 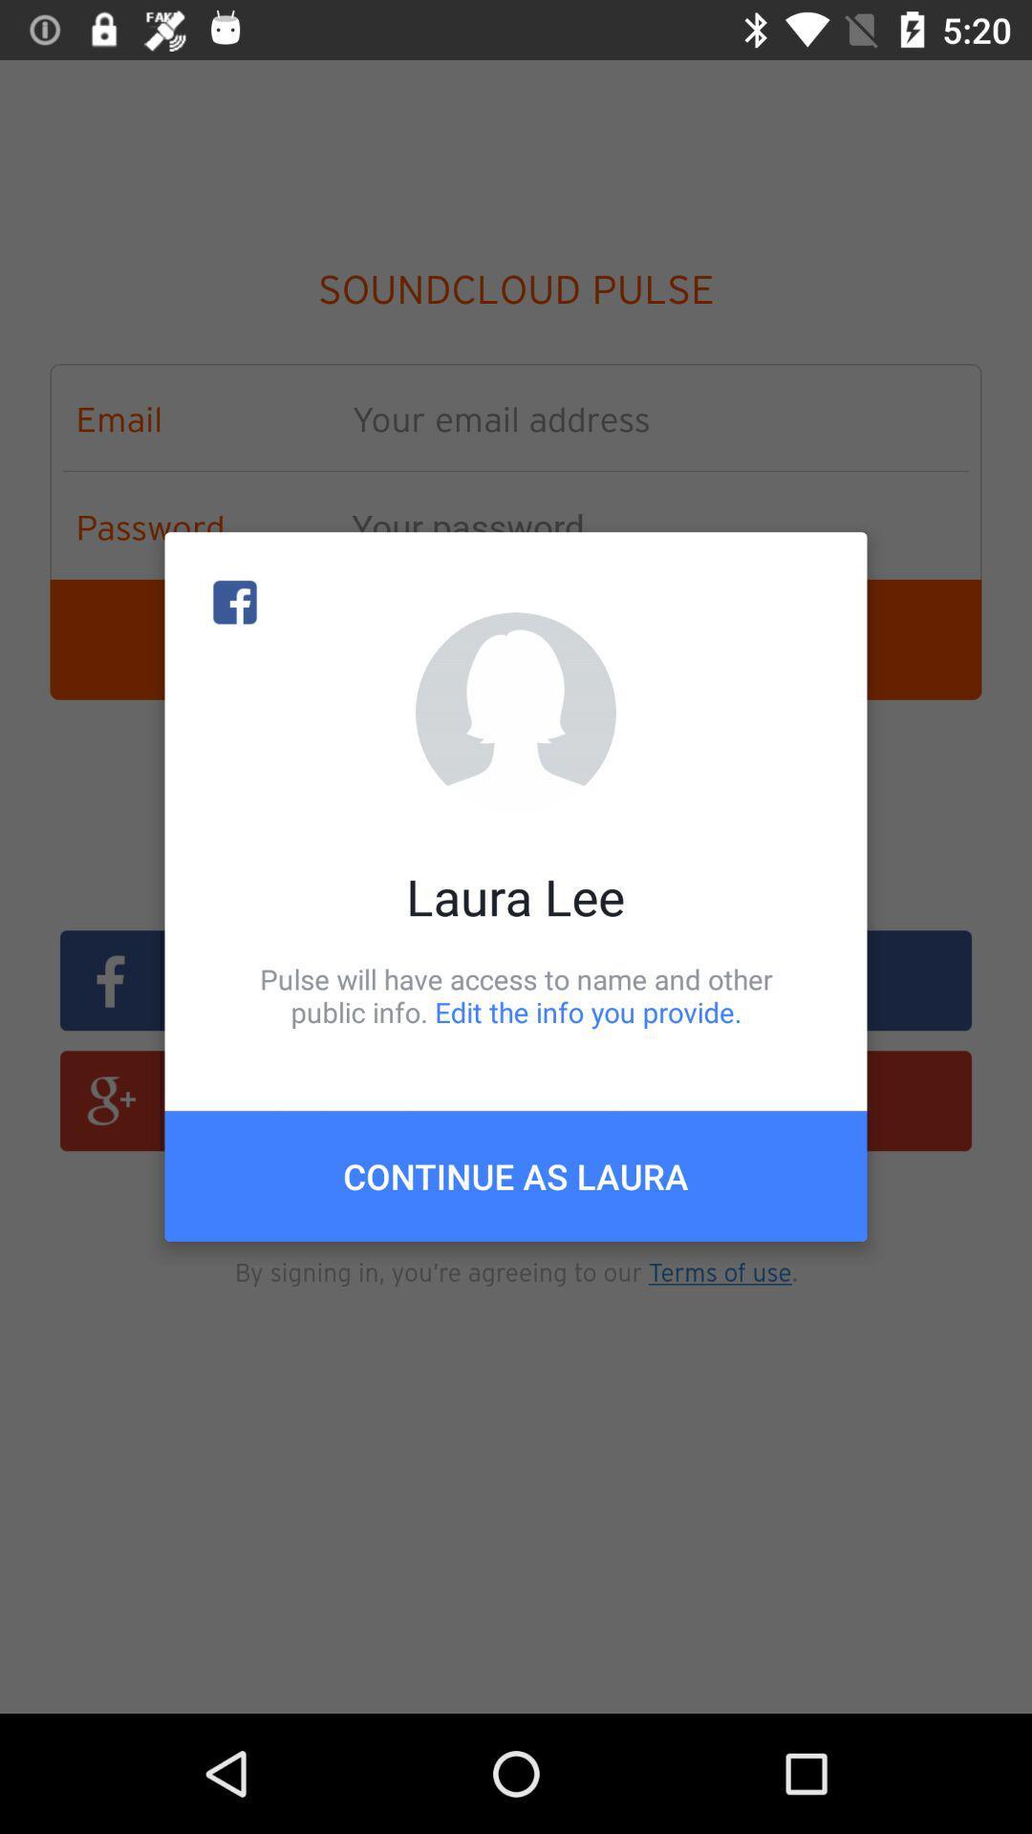 What do you see at coordinates (516, 1175) in the screenshot?
I see `continue as laura item` at bounding box center [516, 1175].